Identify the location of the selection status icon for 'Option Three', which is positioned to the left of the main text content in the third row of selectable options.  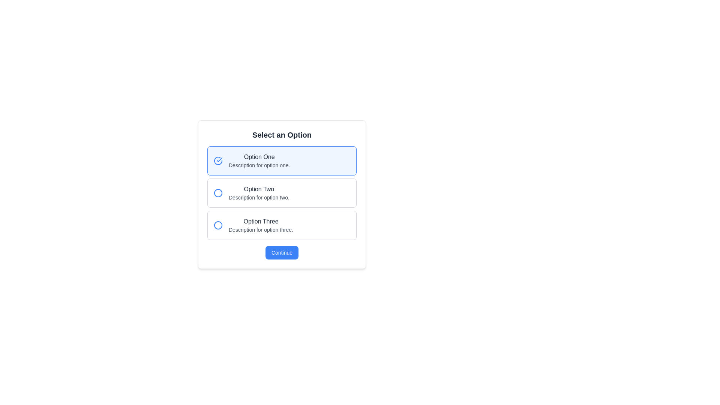
(217, 225).